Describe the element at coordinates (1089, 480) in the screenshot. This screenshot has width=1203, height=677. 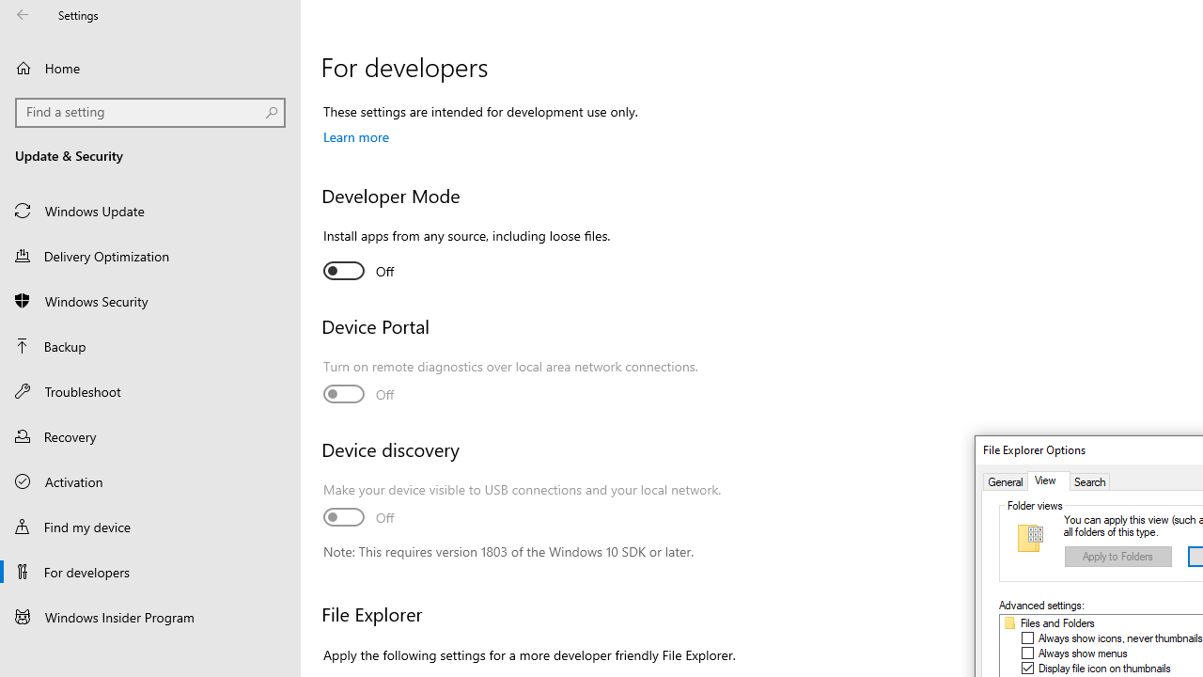
I see `'Search'` at that location.